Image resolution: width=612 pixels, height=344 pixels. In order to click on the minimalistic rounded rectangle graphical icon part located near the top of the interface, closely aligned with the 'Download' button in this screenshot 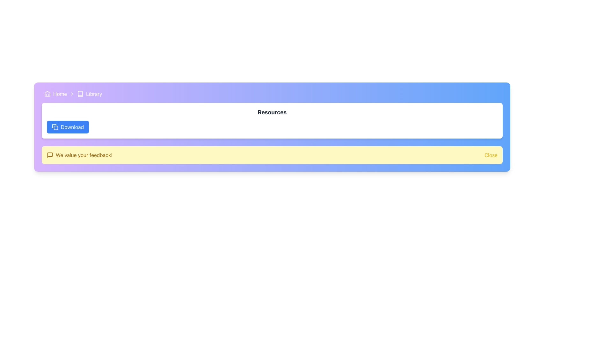, I will do `click(56, 128)`.